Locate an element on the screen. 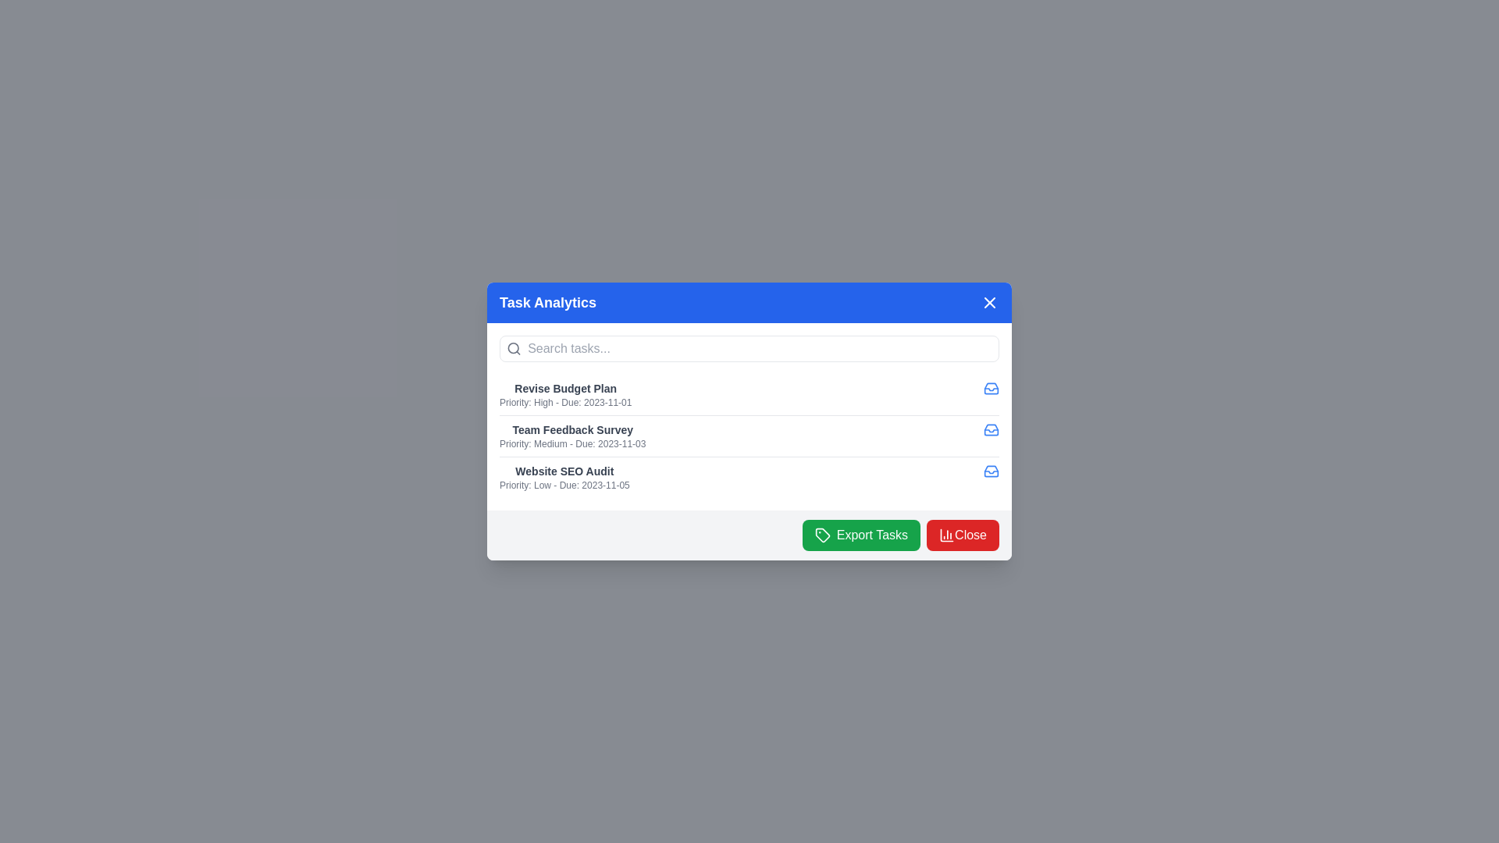 The width and height of the screenshot is (1499, 843). the small red column chart icon located on the left side of the 'Close' text within the 'Close' button at the bottom right corner of the modal is located at coordinates (946, 535).